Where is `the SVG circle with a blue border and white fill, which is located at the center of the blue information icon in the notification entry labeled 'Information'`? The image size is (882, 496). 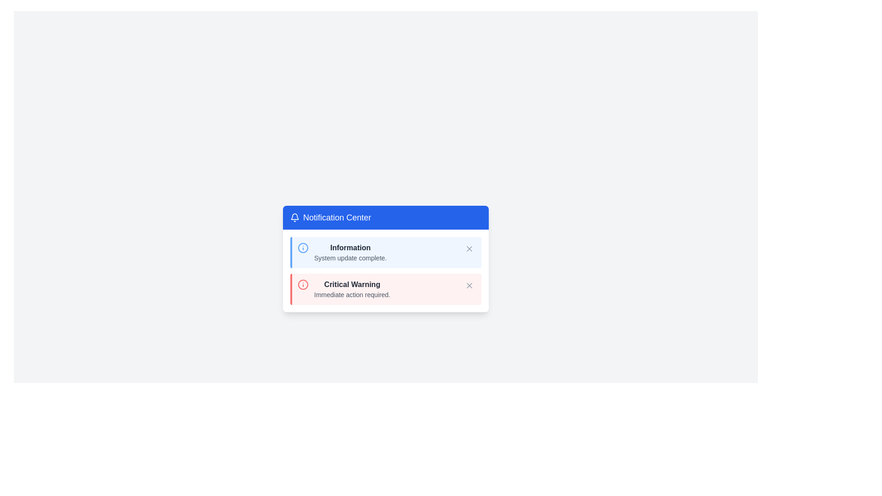
the SVG circle with a blue border and white fill, which is located at the center of the blue information icon in the notification entry labeled 'Information' is located at coordinates (303, 248).